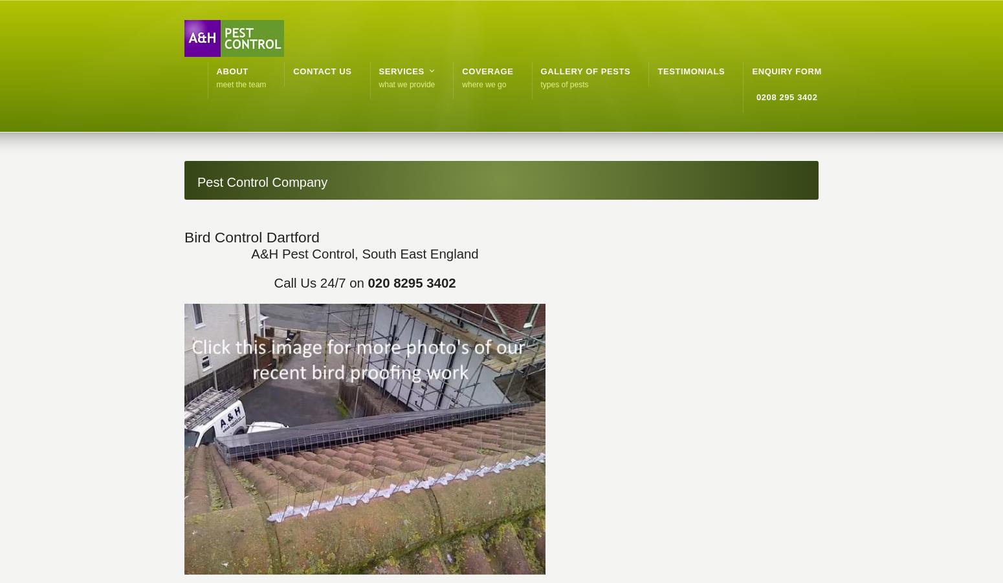  Describe the element at coordinates (197, 182) in the screenshot. I see `'Pest Control Company'` at that location.